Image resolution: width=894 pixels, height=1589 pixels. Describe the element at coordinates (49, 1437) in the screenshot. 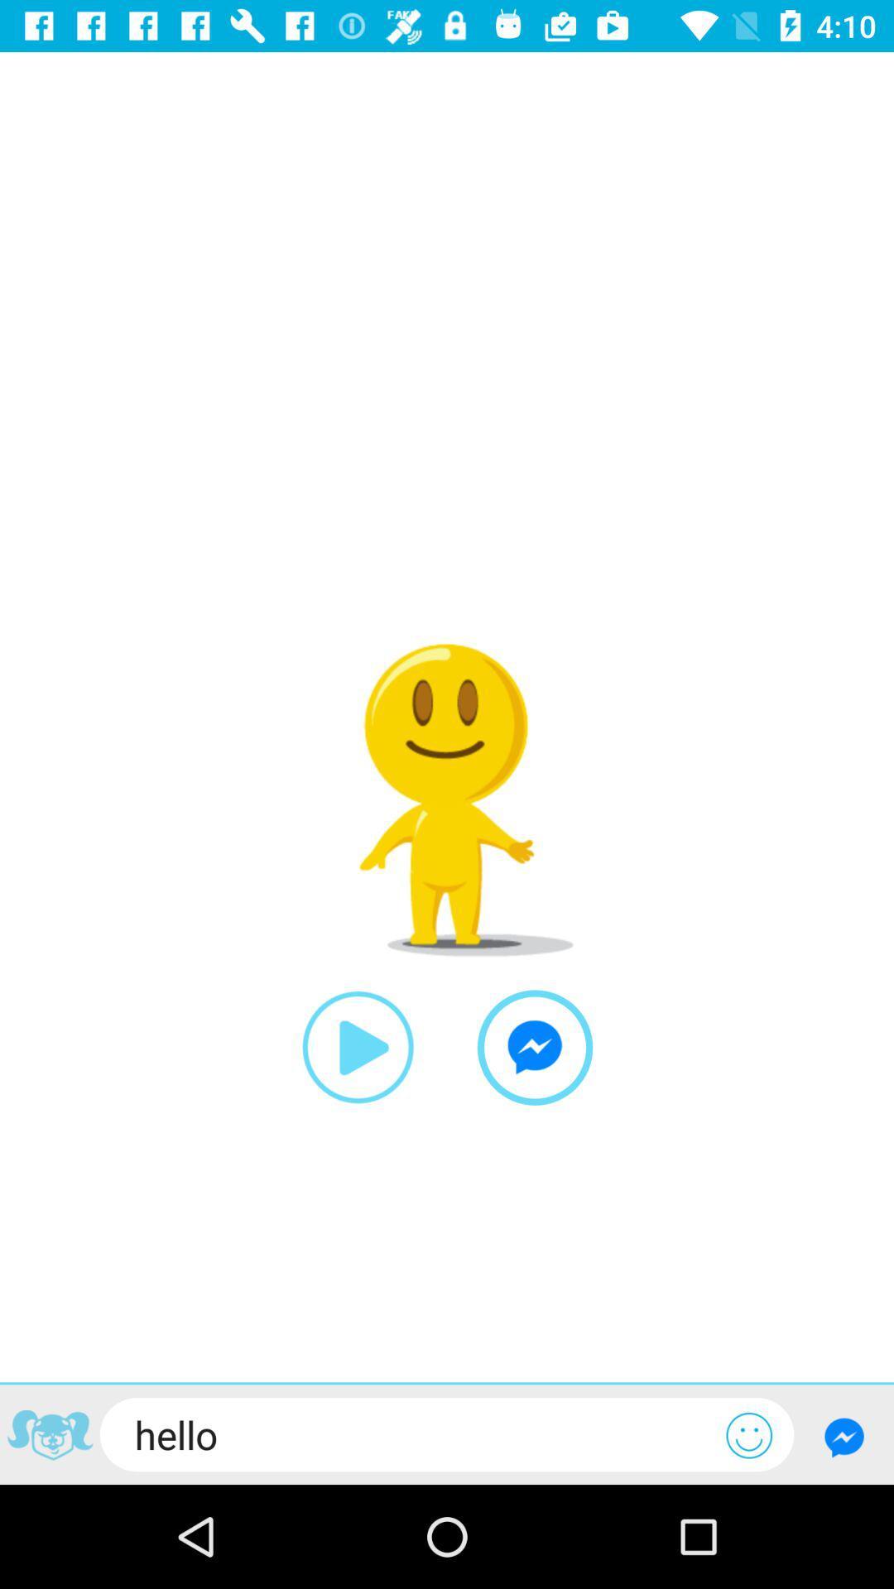

I see `the item next to the hello item` at that location.